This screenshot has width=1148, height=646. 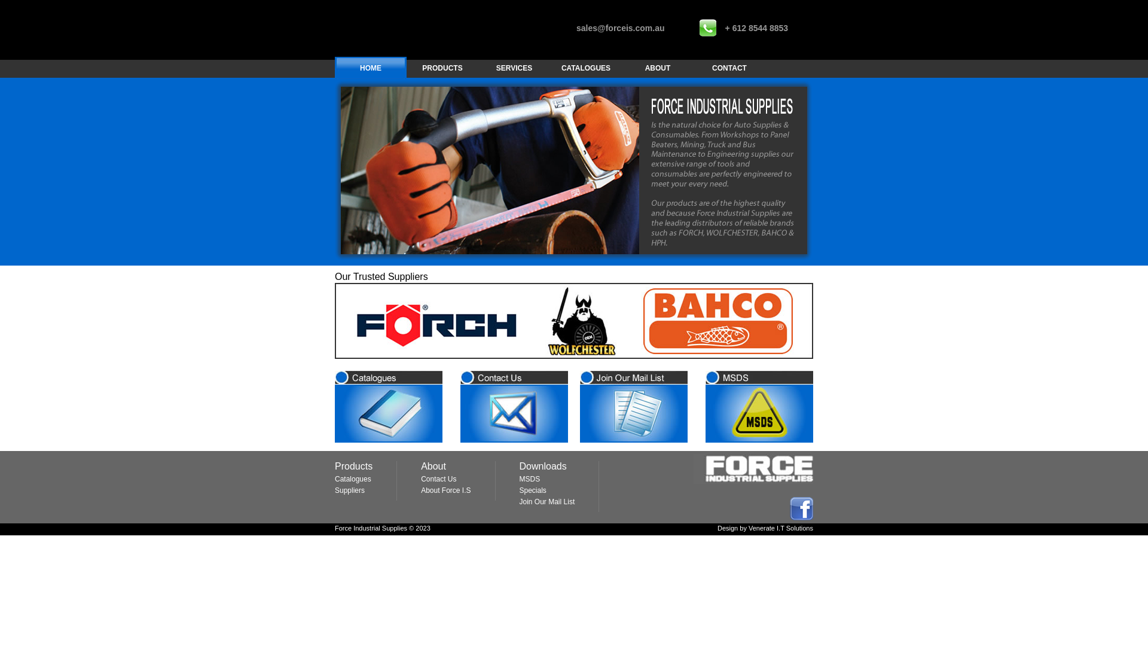 What do you see at coordinates (370, 68) in the screenshot?
I see `'HOME'` at bounding box center [370, 68].